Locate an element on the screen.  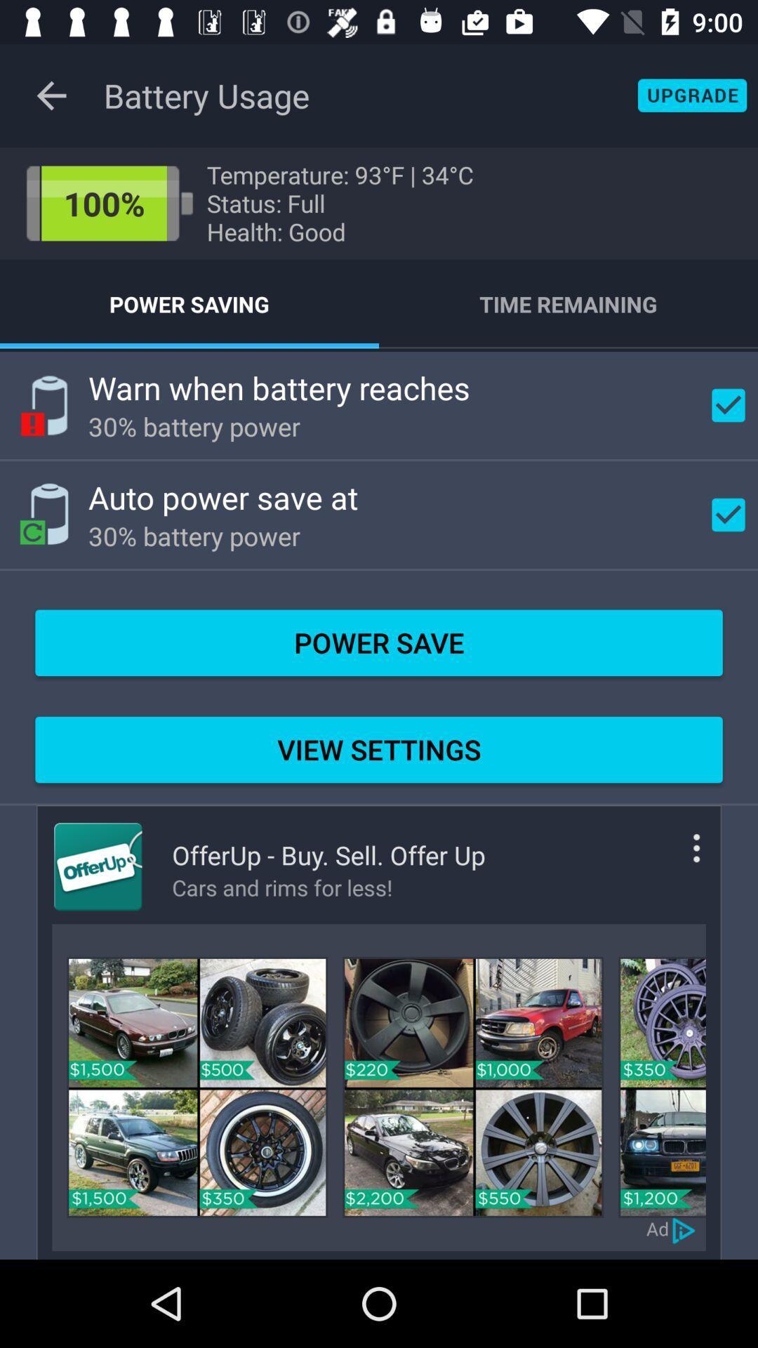
the view settings item is located at coordinates (379, 749).